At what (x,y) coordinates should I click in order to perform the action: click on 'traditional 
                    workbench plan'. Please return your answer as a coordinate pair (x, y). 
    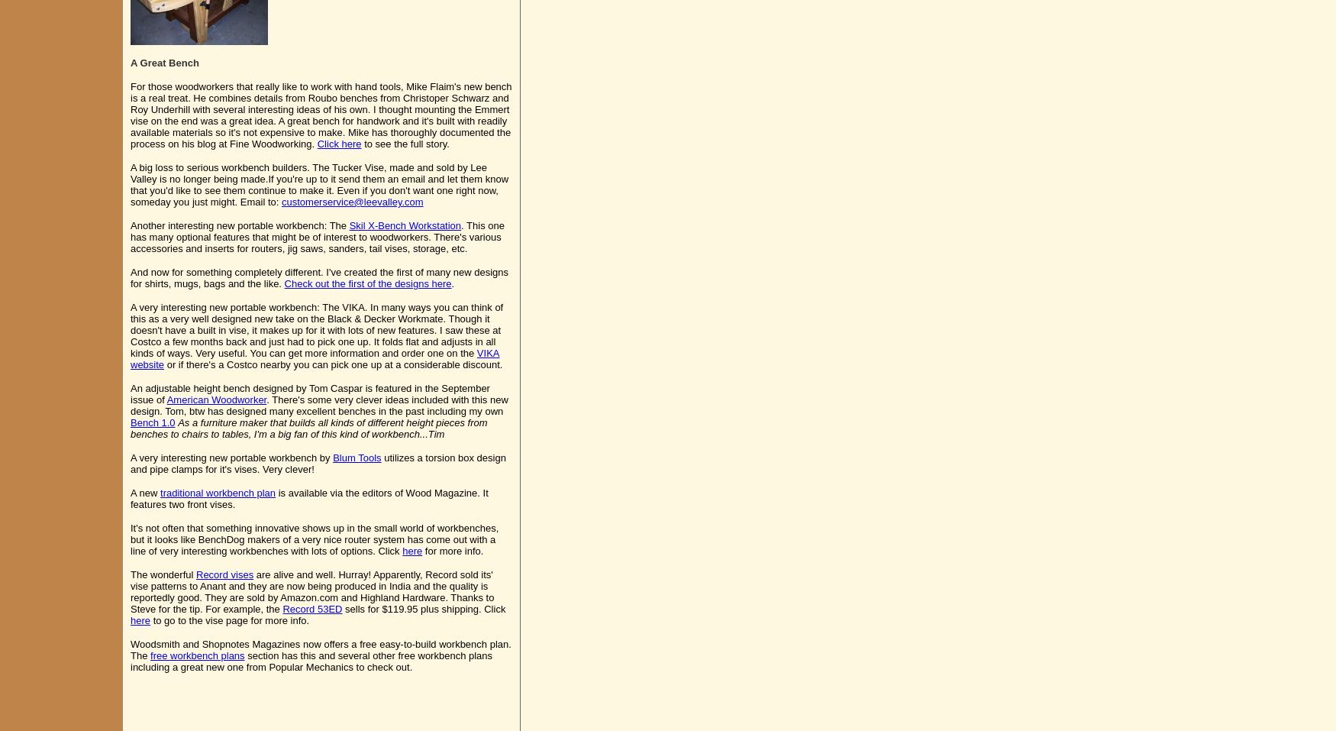
    Looking at the image, I should click on (217, 492).